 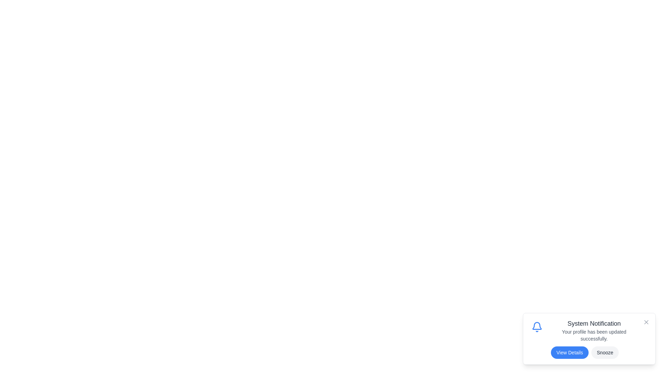 I want to click on the small gray 'X' close button located at the top-right corner of the notification card, so click(x=646, y=322).